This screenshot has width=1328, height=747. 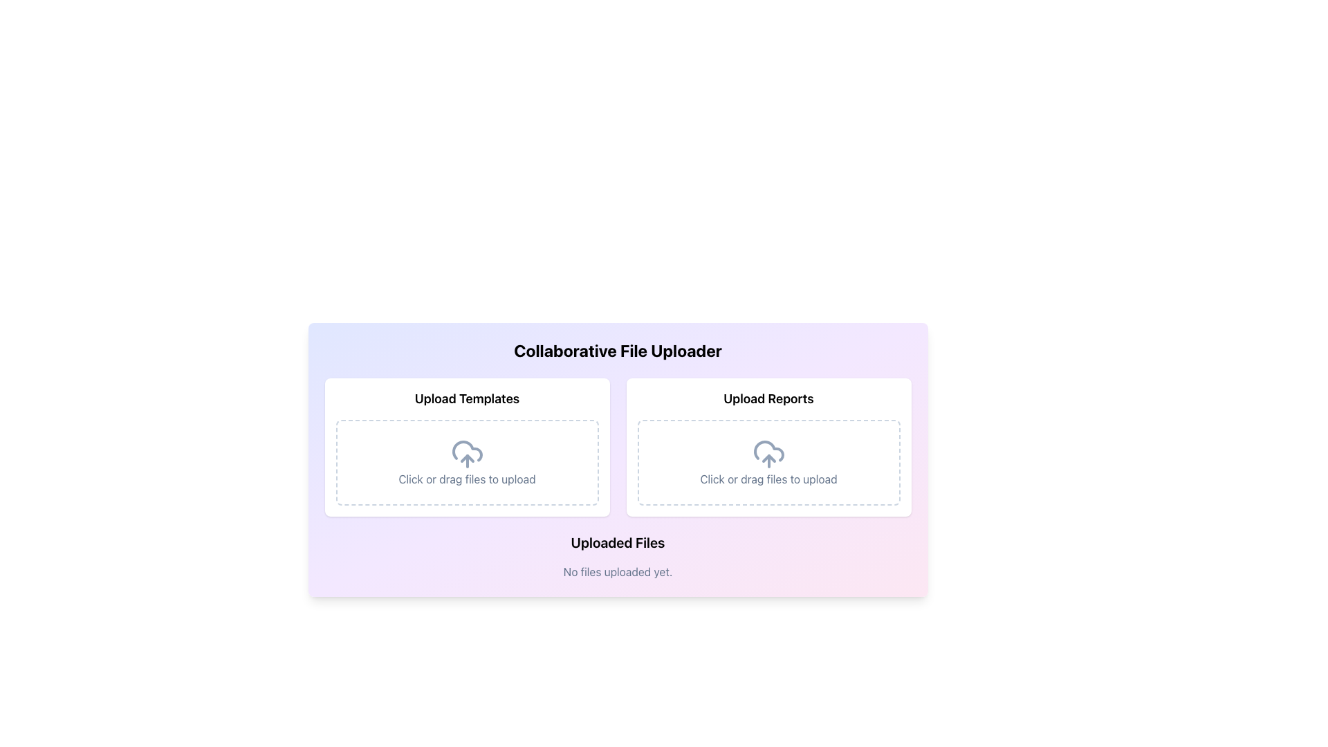 I want to click on the Text Label that serves as a section title for the uploaded files area, located in the lower half of the card layout, directly beneath two upload sections organized horizontally, so click(x=617, y=542).